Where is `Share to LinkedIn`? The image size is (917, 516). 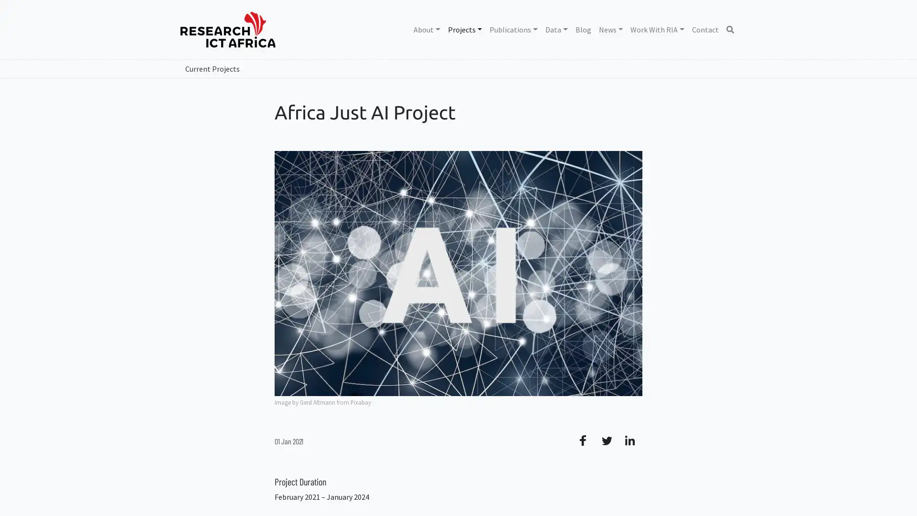 Share to LinkedIn is located at coordinates (631, 440).